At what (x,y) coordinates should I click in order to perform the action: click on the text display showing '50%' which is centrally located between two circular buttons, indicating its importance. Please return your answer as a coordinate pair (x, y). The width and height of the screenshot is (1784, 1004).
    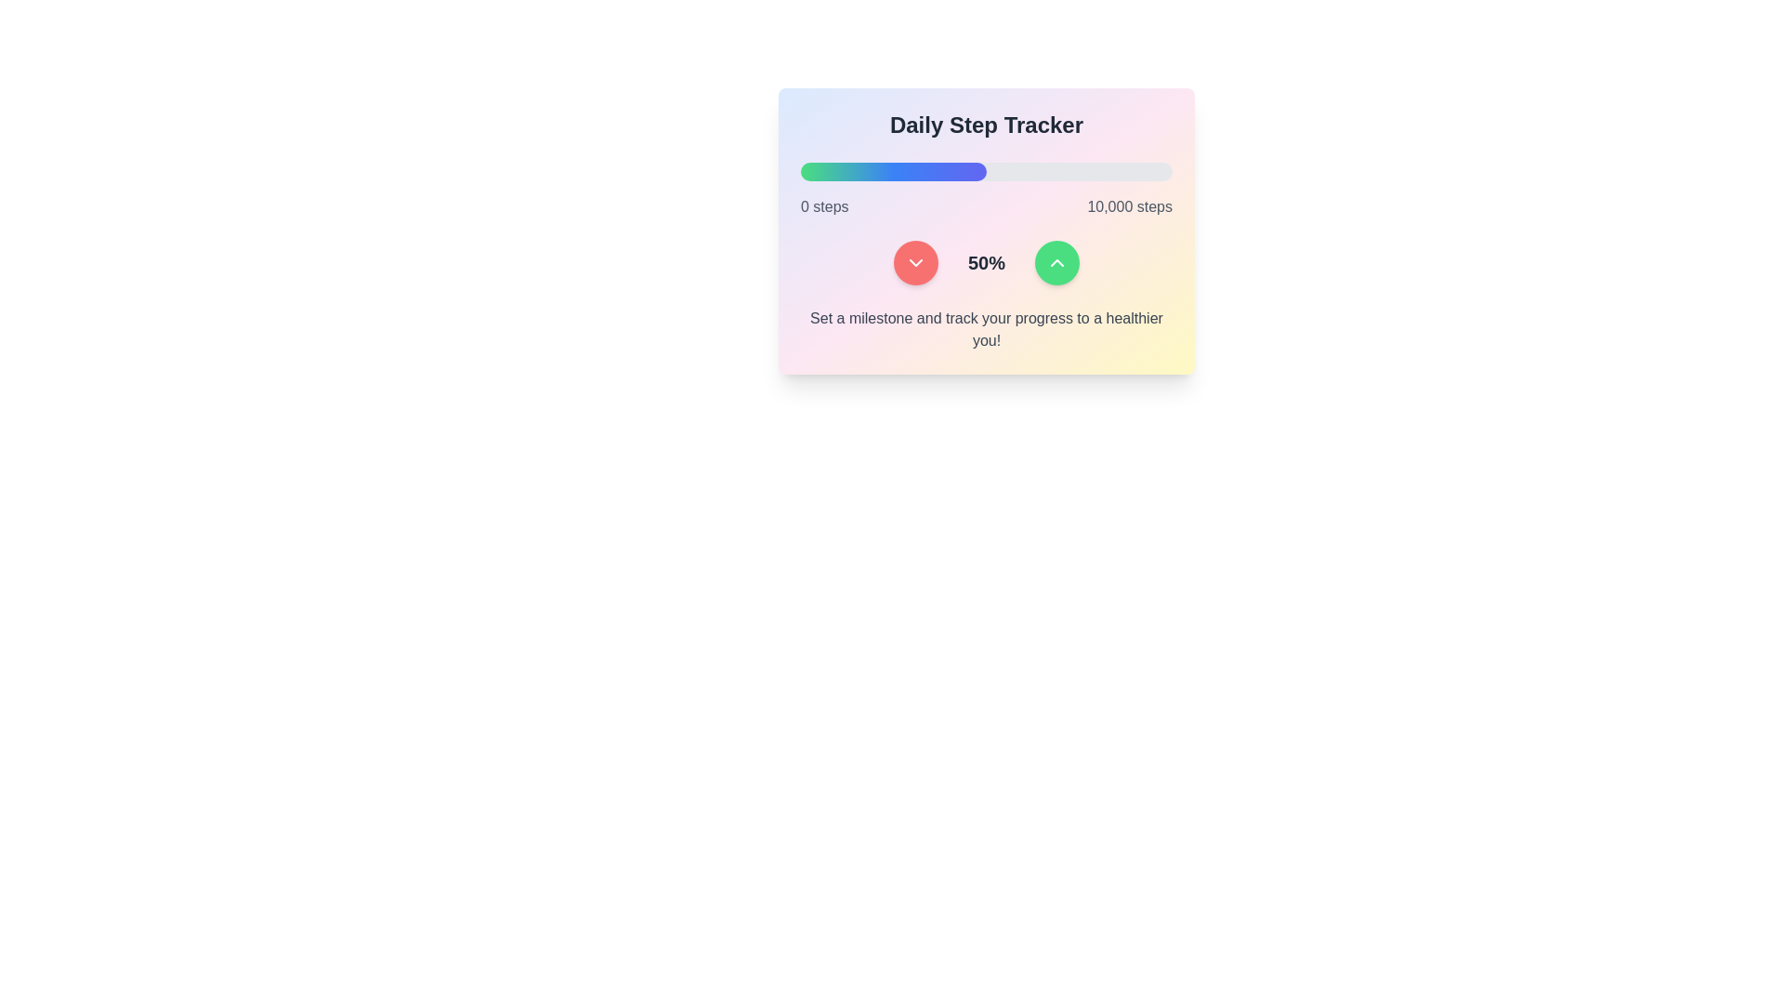
    Looking at the image, I should click on (985, 262).